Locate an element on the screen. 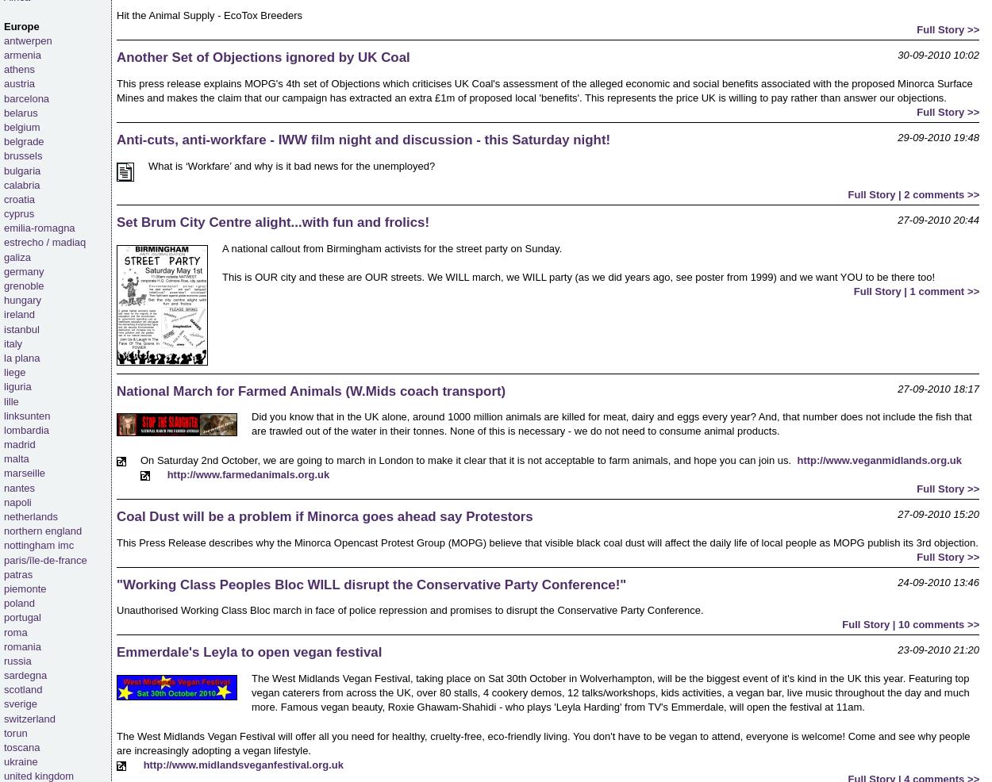 The width and height of the screenshot is (992, 782). 'Anti-cuts, anti-workfare - IWW film night and discussion - this Saturday night!' is located at coordinates (363, 139).